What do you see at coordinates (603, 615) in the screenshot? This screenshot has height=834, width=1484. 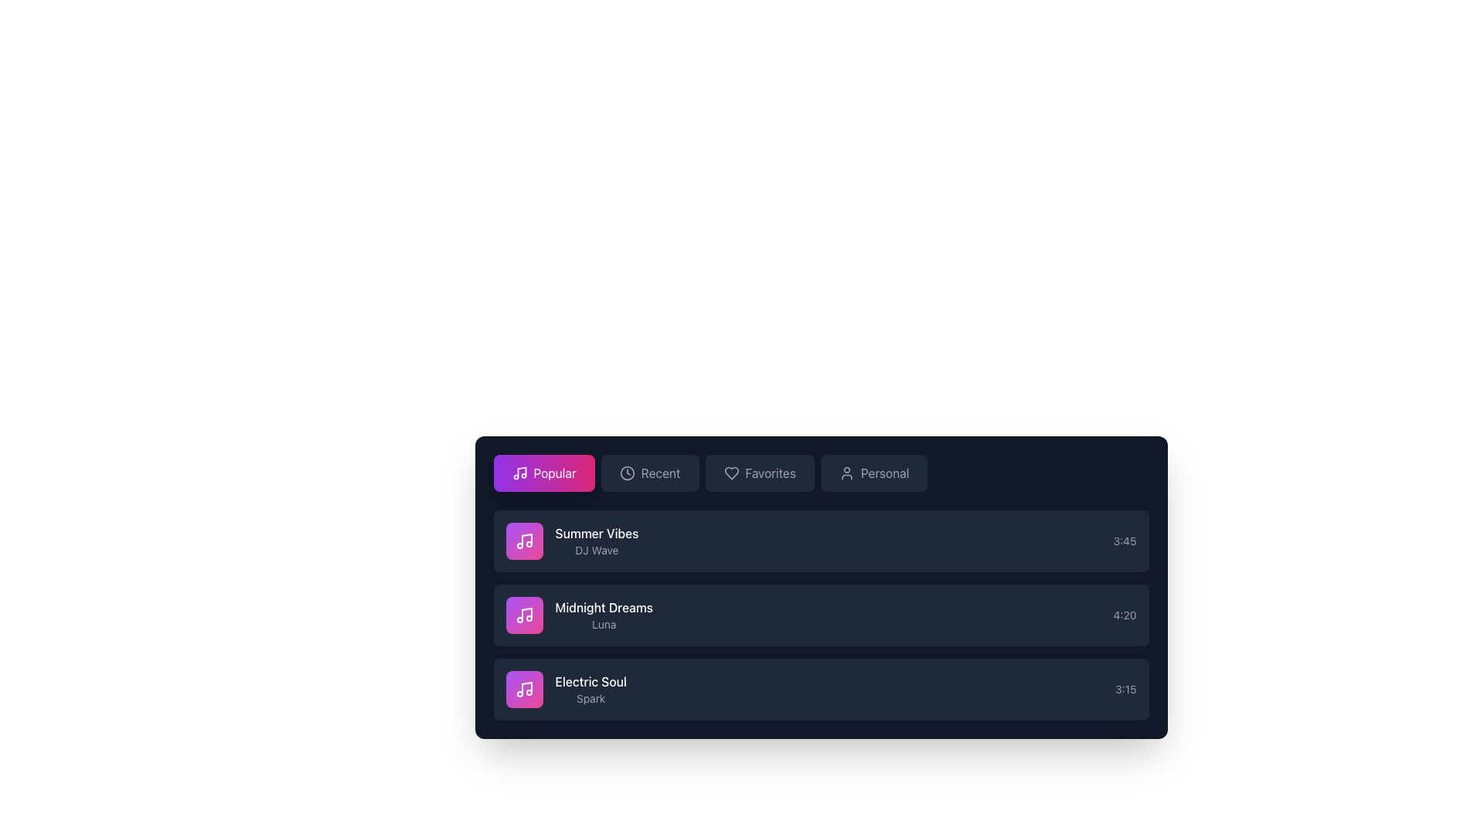 I see `the text label displaying 'Midnight Dreams' and 'Luna', which is centrally located to the right of a pink music icon and is the second entry in a vertical list of song titles` at bounding box center [603, 615].